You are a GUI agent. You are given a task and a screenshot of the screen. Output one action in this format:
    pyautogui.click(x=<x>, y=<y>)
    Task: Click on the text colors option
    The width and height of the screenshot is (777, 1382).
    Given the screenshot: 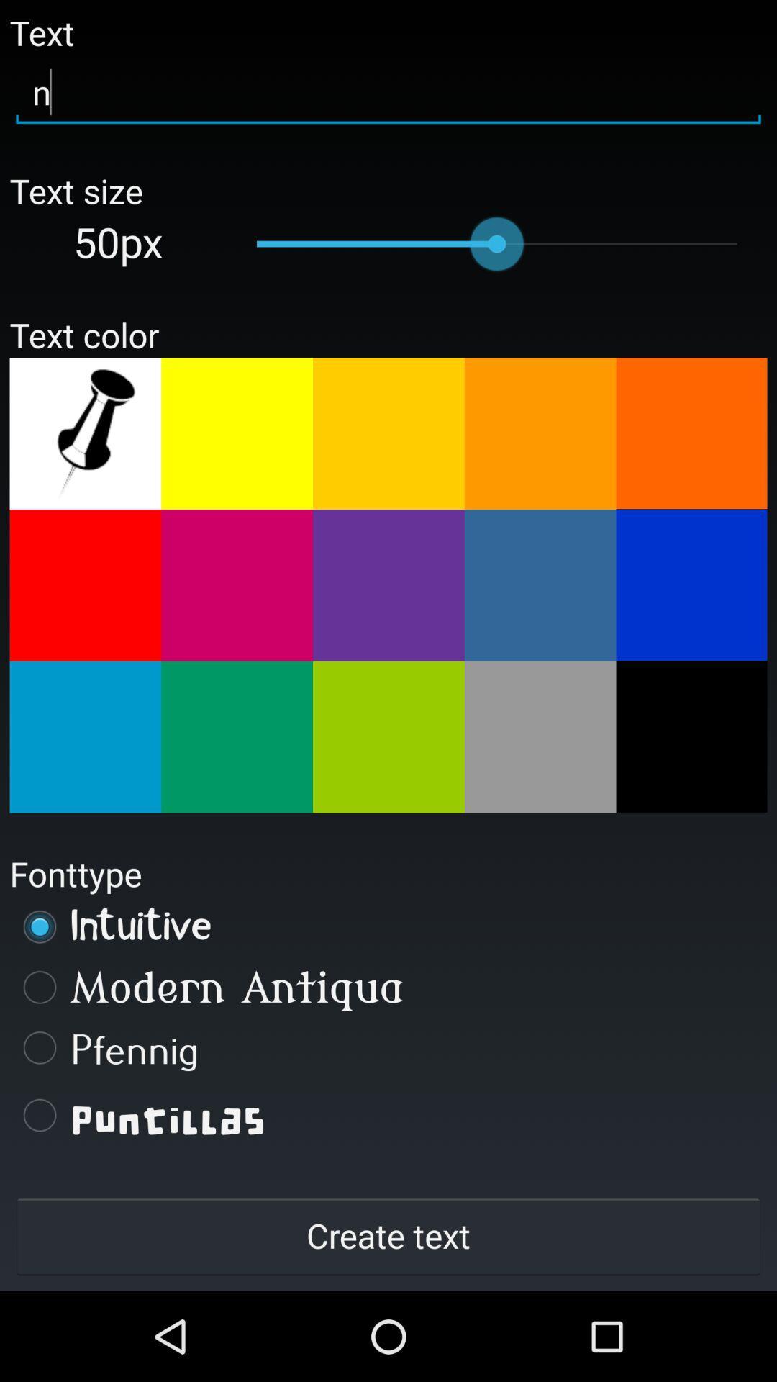 What is the action you would take?
    pyautogui.click(x=236, y=433)
    